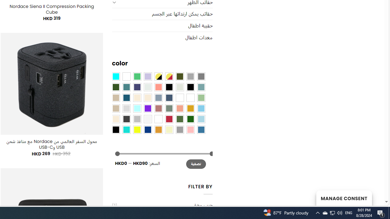 Image resolution: width=390 pixels, height=219 pixels. Describe the element at coordinates (201, 87) in the screenshot. I see `'Blue Sage'` at that location.